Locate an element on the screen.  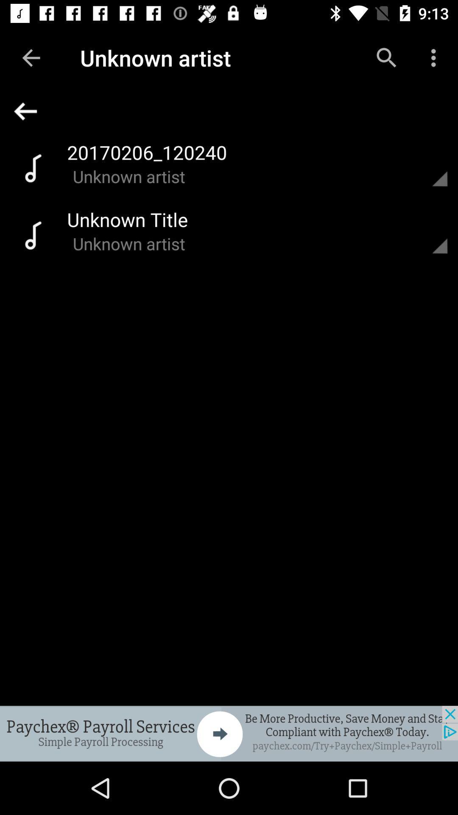
back is located at coordinates (233, 111).